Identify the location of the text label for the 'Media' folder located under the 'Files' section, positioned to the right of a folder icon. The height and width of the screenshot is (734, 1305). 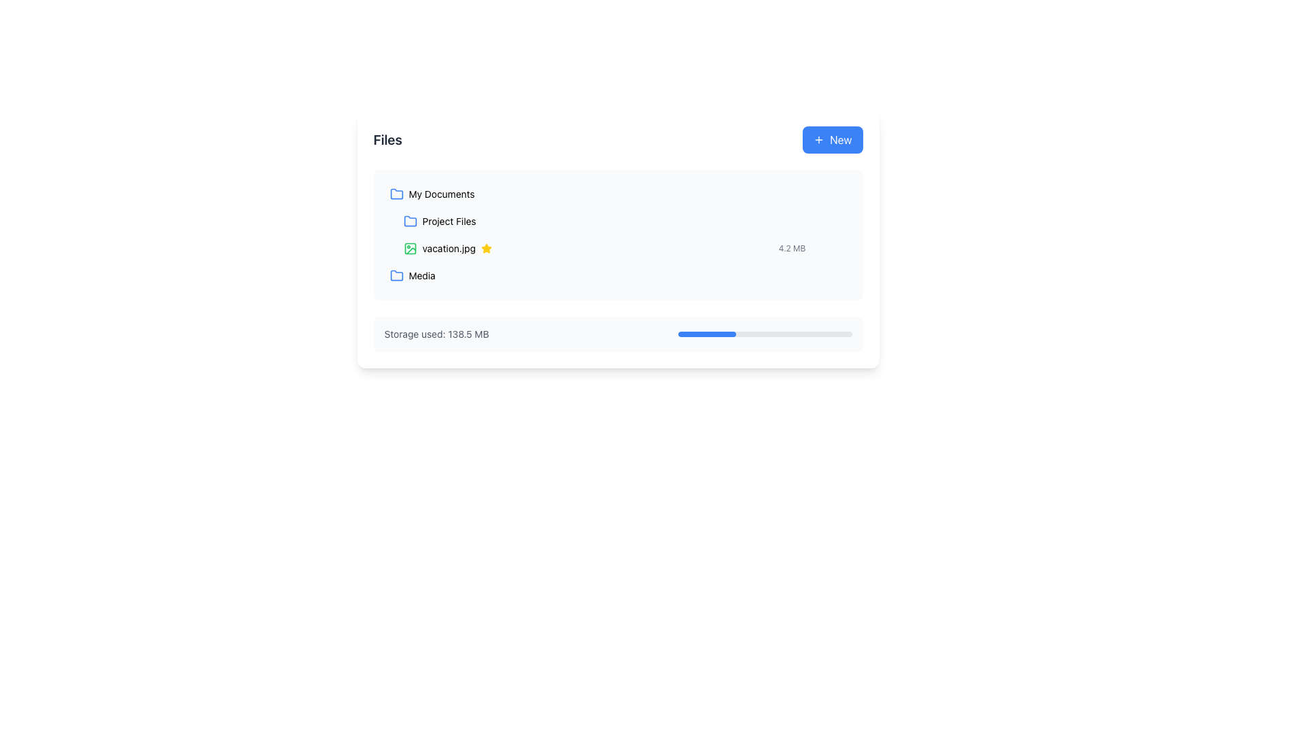
(421, 275).